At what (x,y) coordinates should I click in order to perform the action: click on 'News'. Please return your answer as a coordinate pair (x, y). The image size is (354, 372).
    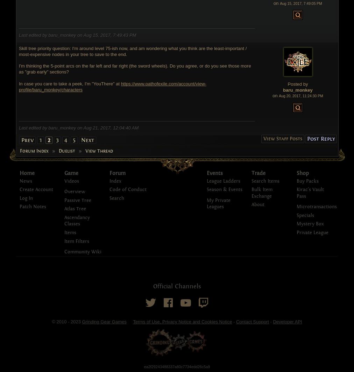
    Looking at the image, I should click on (19, 181).